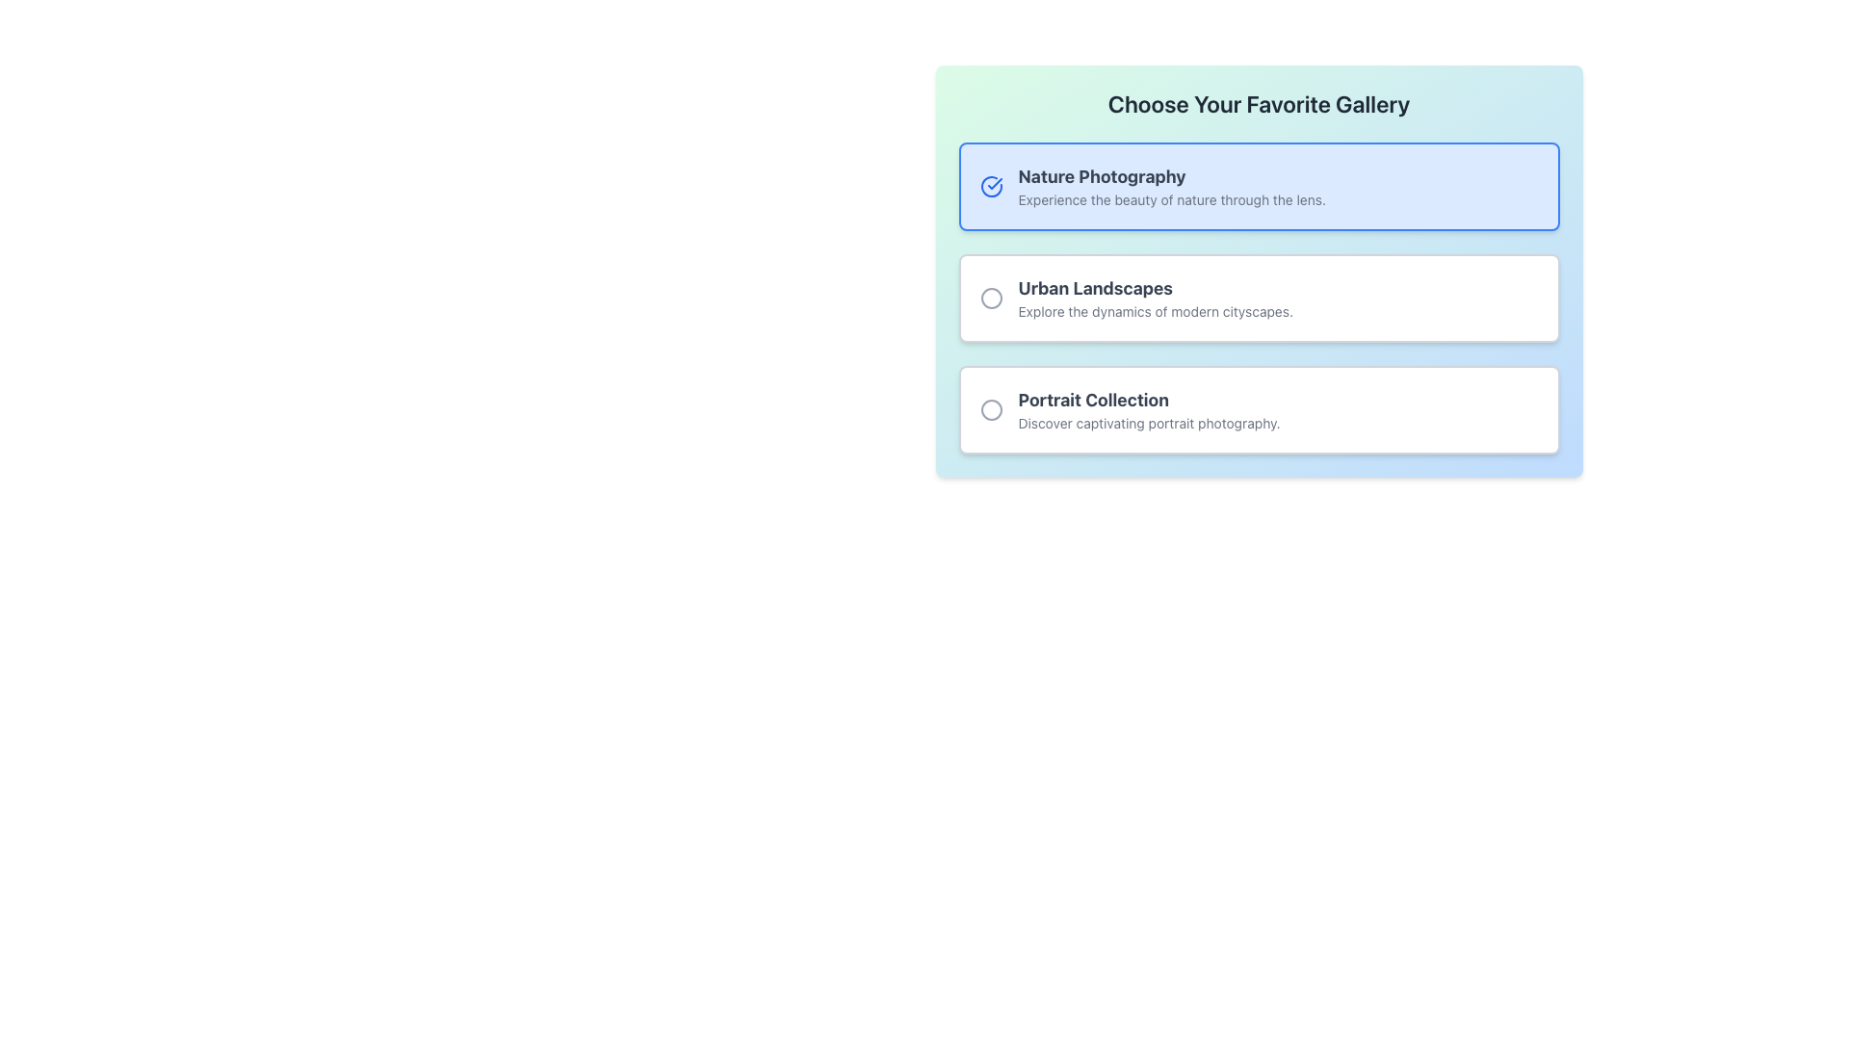  I want to click on the bold and large-sized text that reads 'Nature Photography', which is styled with a dark gray color on a light blue background, located at the top of the selection card in the gallery titled 'Choose Your Favorite Gallery', so click(1171, 177).